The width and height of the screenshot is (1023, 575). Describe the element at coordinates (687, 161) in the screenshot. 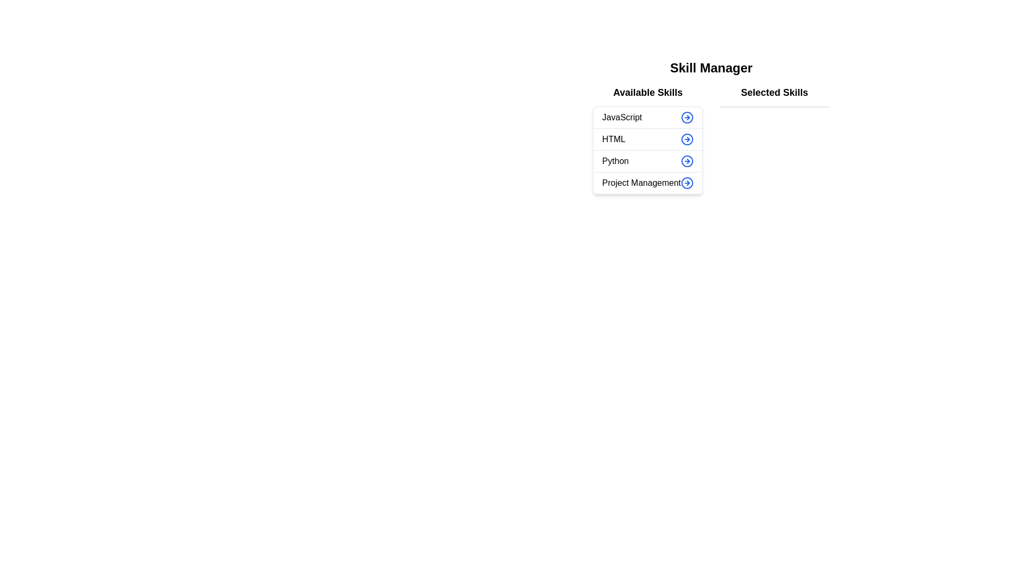

I see `arrow button next to the skill 'Python' in the 'Available Skills' list to transfer it to the 'Selected Skills' list` at that location.